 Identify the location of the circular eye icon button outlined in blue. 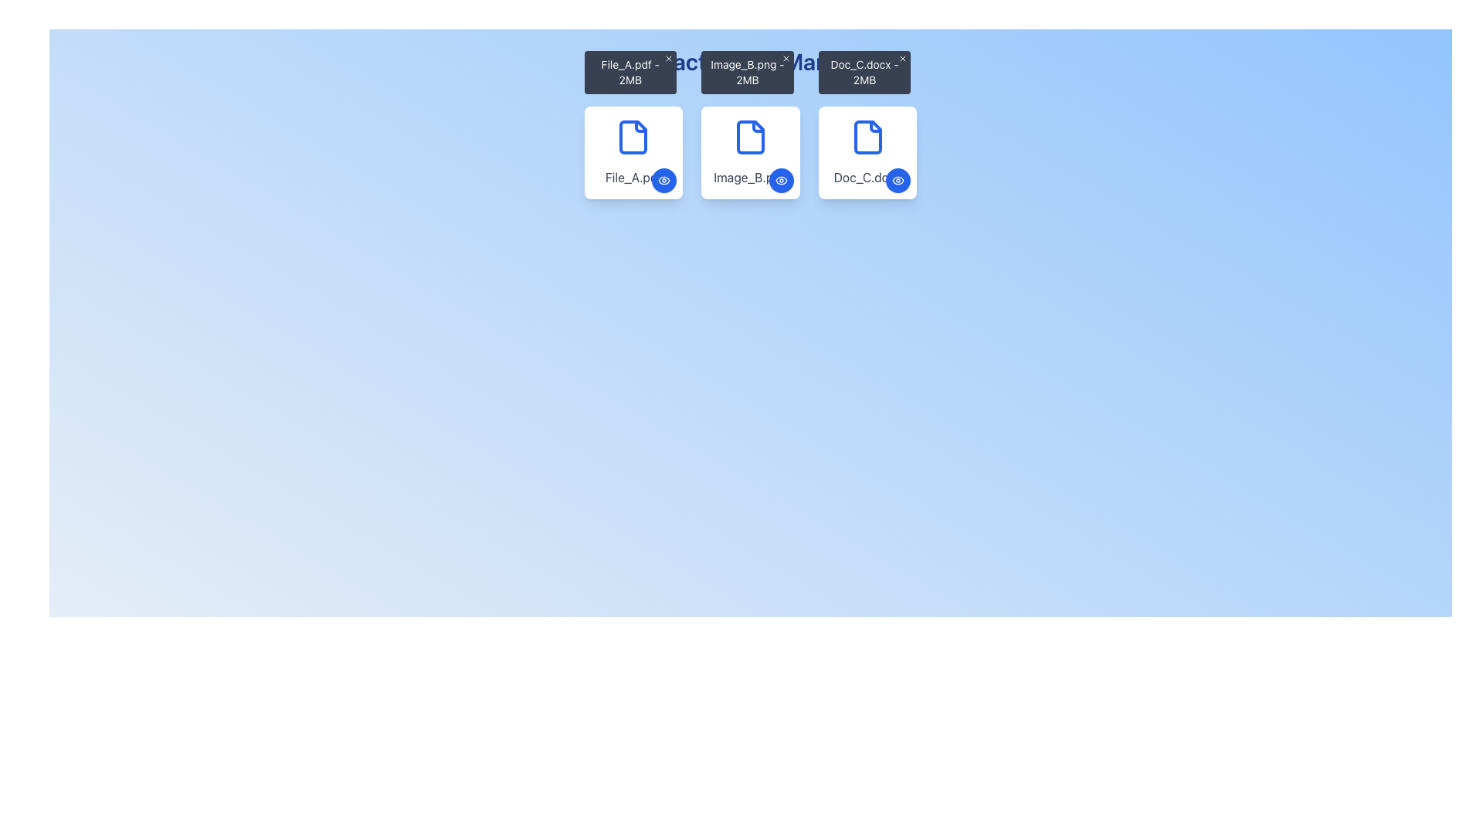
(898, 180).